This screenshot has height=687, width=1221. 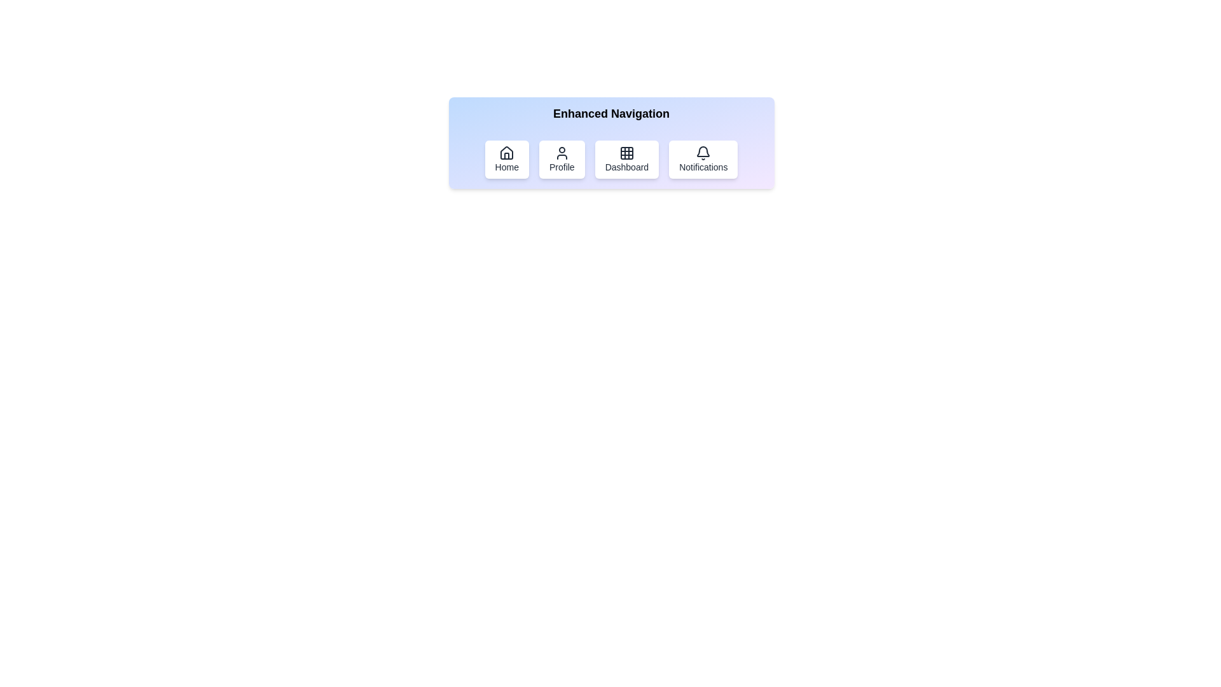 What do you see at coordinates (561, 166) in the screenshot?
I see `the 'Profile' button in the navigation bar` at bounding box center [561, 166].